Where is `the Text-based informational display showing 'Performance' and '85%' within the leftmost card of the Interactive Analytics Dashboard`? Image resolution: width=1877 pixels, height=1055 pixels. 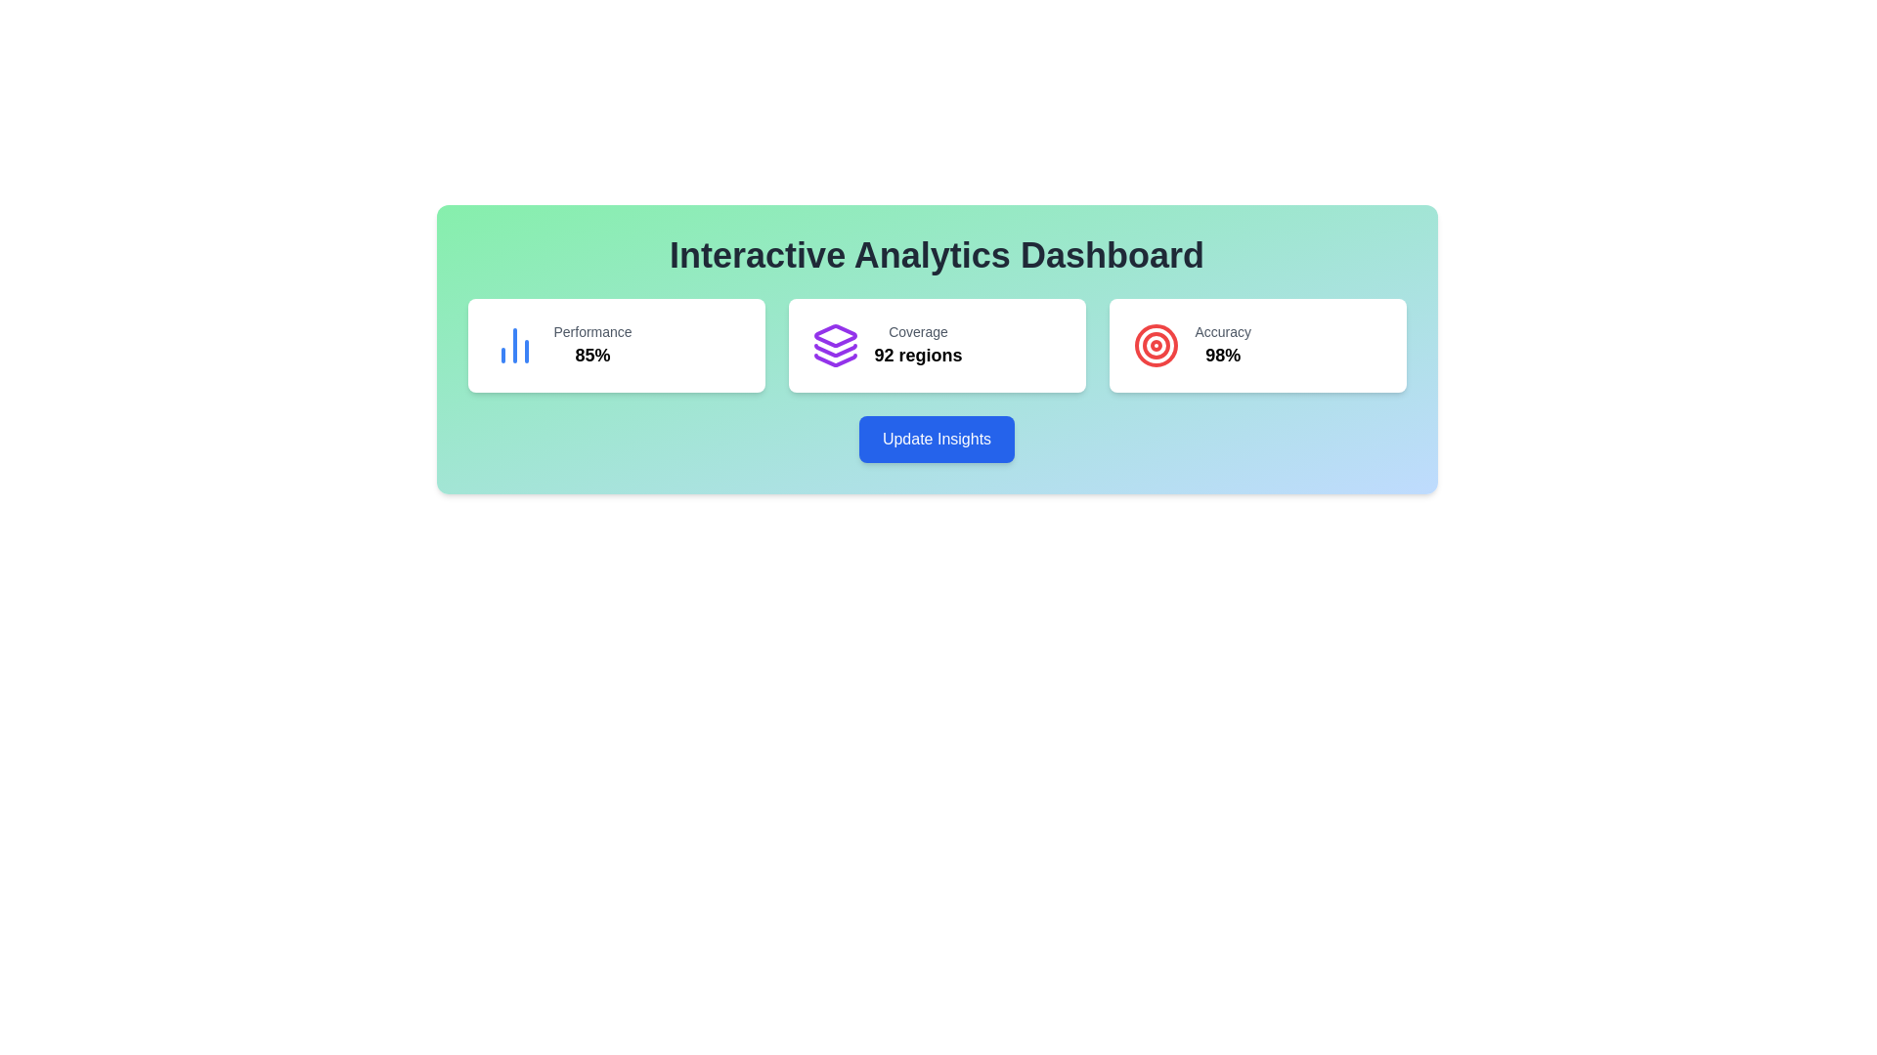
the Text-based informational display showing 'Performance' and '85%' within the leftmost card of the Interactive Analytics Dashboard is located at coordinates (591, 345).